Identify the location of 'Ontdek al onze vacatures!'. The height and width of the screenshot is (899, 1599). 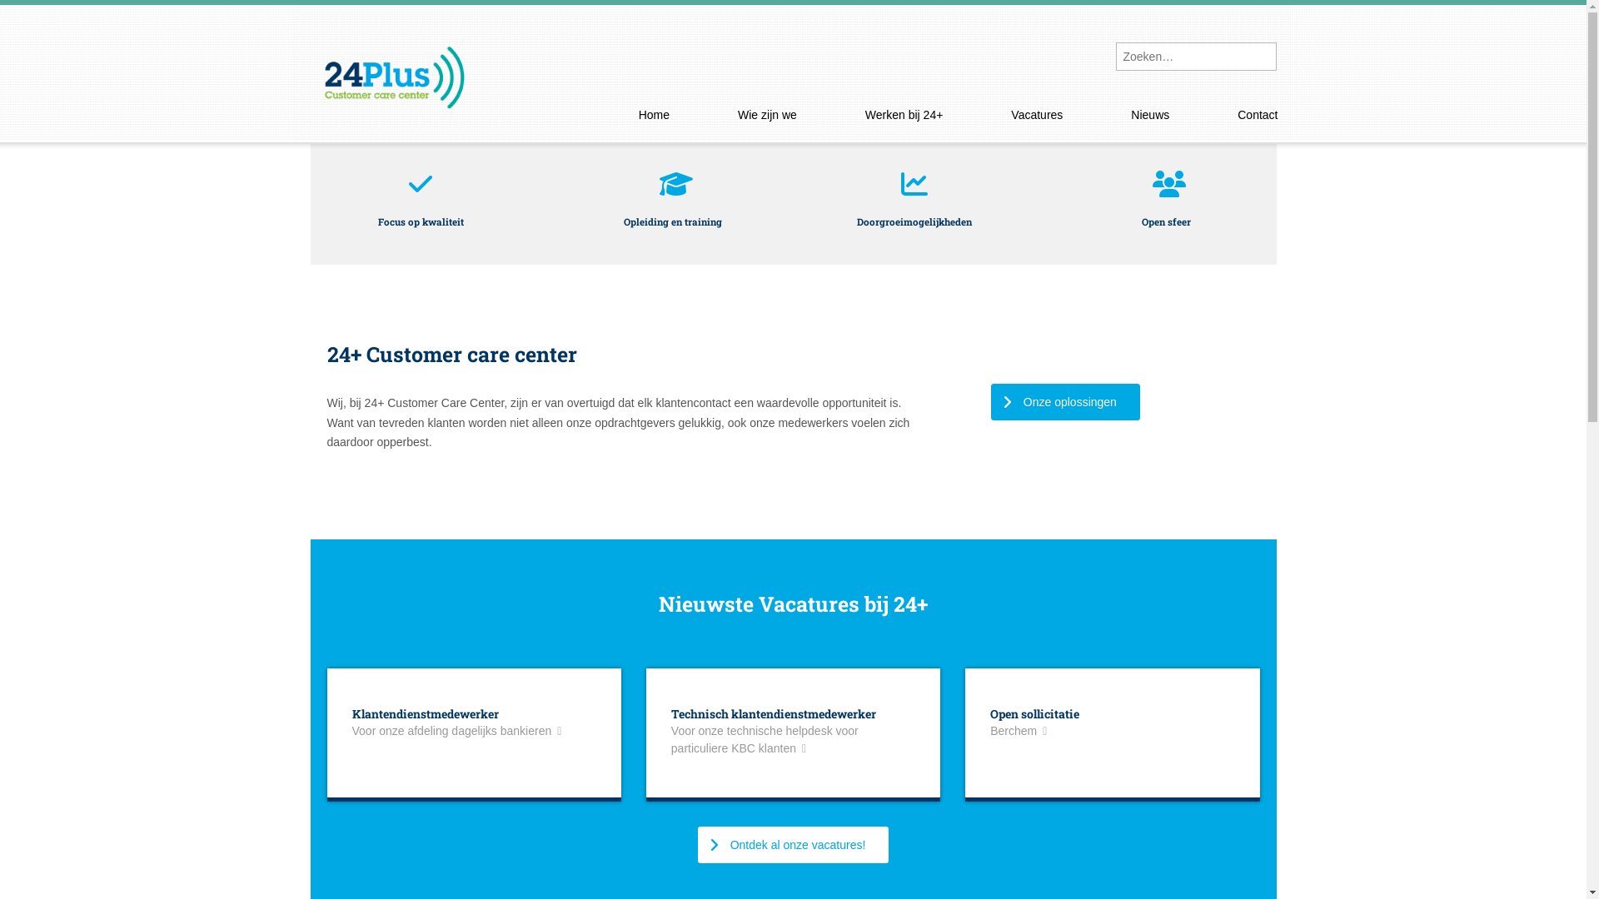
(698, 844).